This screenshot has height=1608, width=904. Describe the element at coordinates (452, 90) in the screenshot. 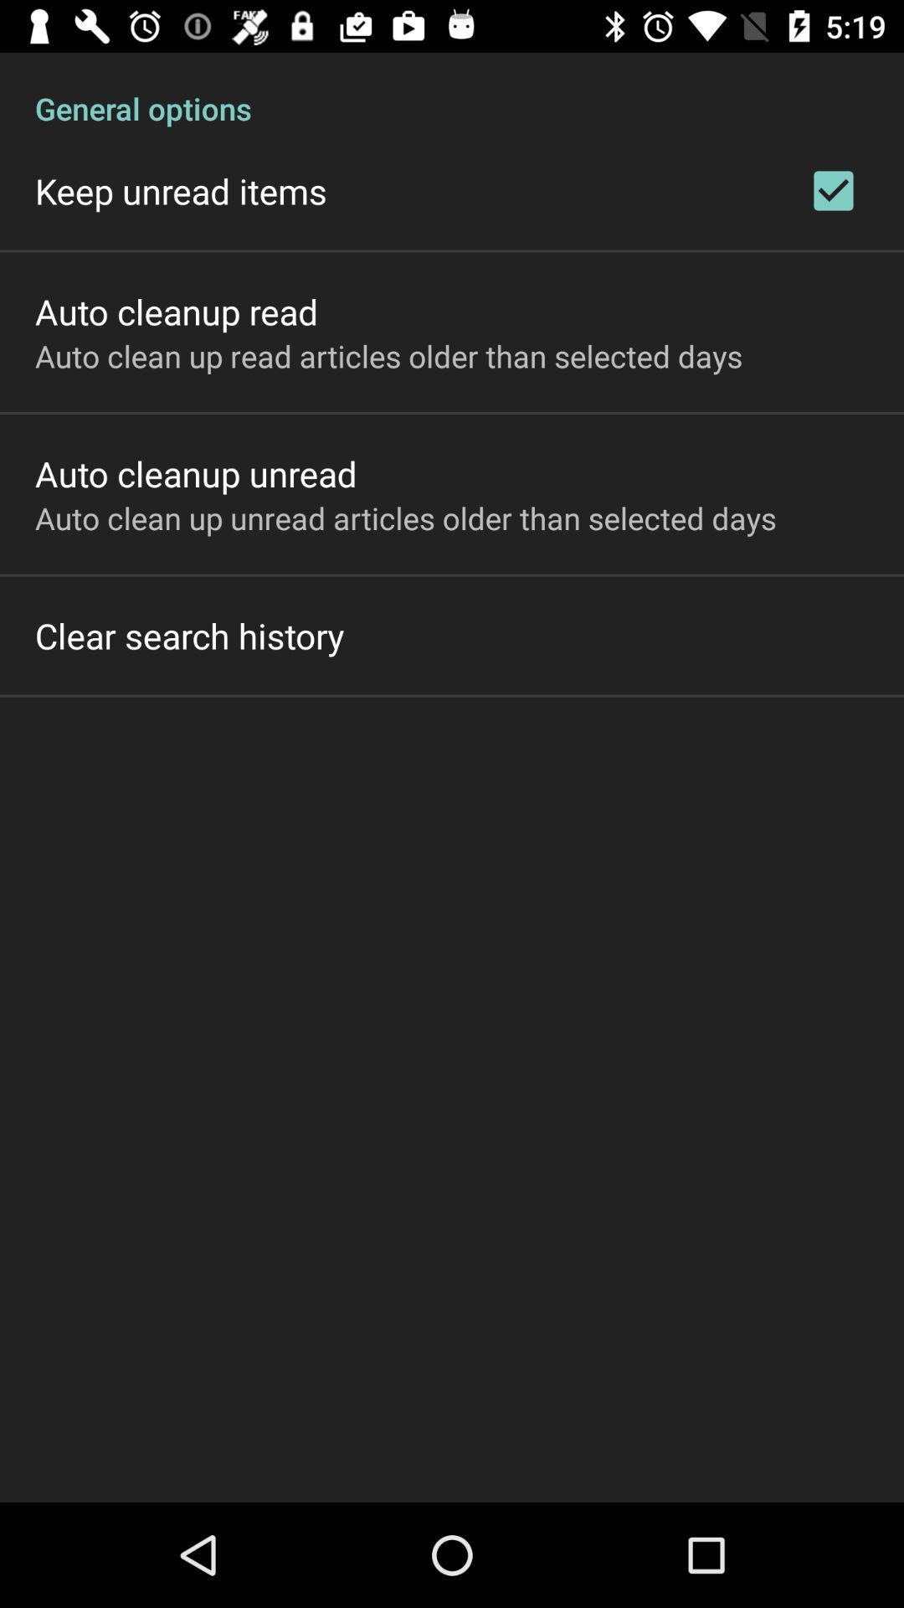

I see `general options item` at that location.